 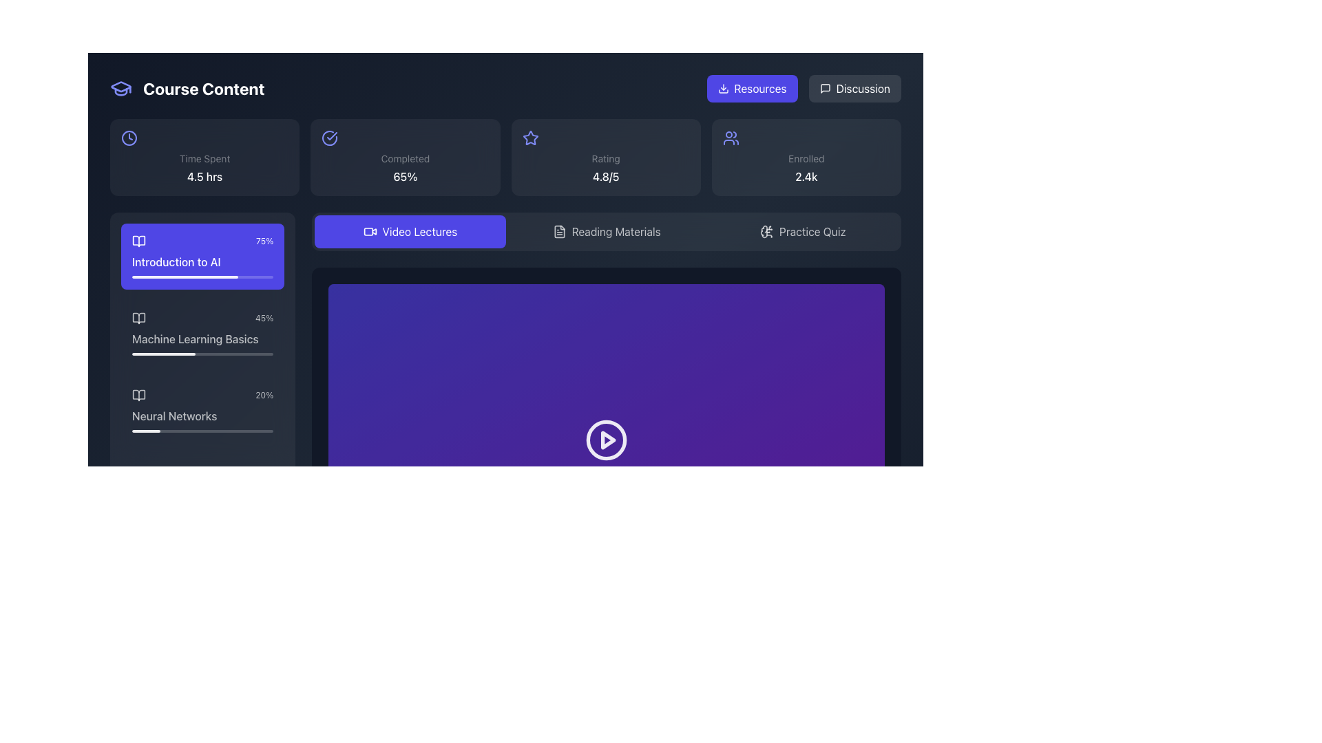 What do you see at coordinates (606, 156) in the screenshot?
I see `the information displayed on the card containing a star icon, the label 'Rating', and the numerical value '4.8/5', located in the top row of the third column in a four-column grid layout` at bounding box center [606, 156].